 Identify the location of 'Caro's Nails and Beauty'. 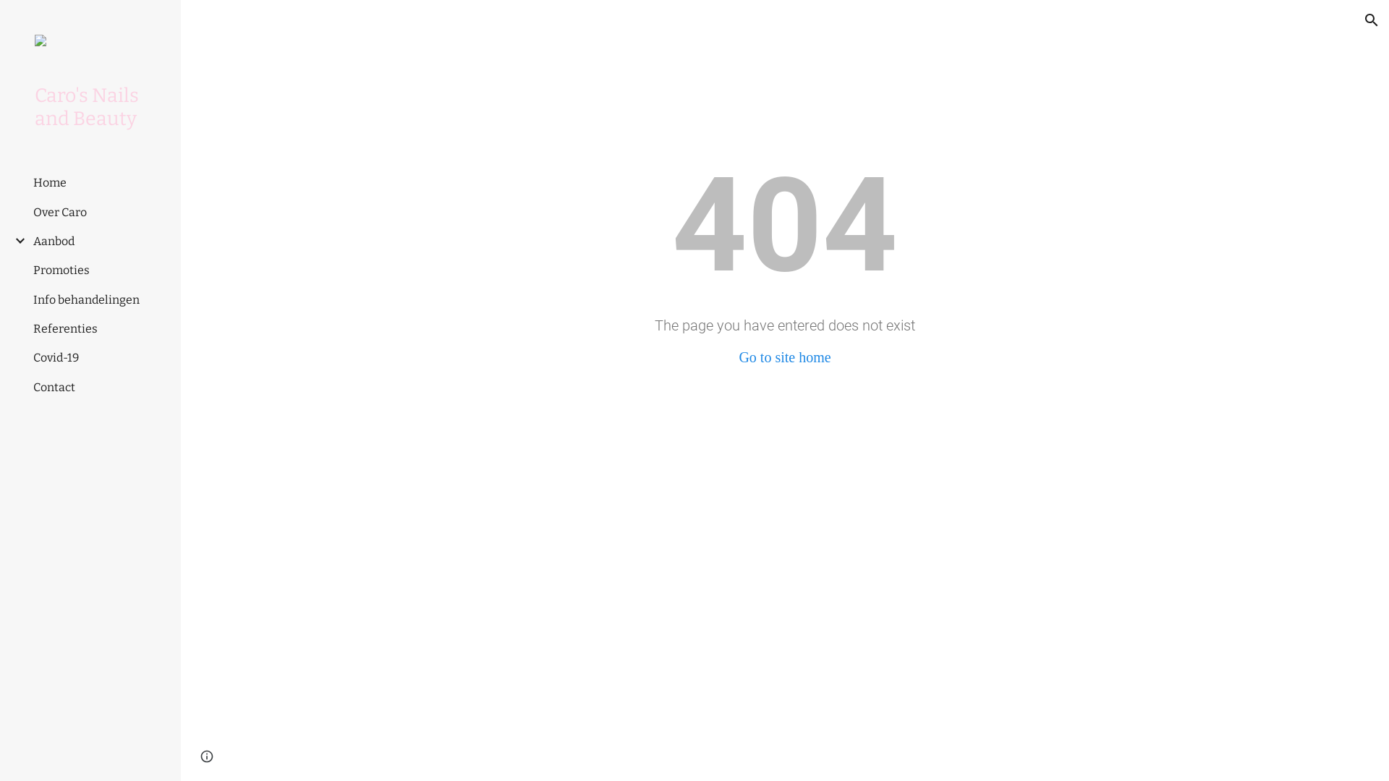
(95, 106).